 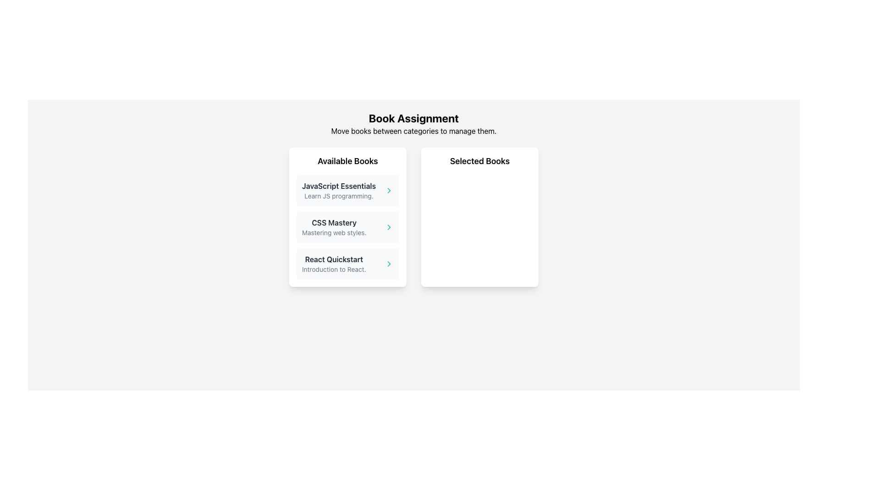 I want to click on the text label displaying 'Introduction to React.' located beneath the title 'React Quickstart' in the 'Available Books' list, so click(x=333, y=269).